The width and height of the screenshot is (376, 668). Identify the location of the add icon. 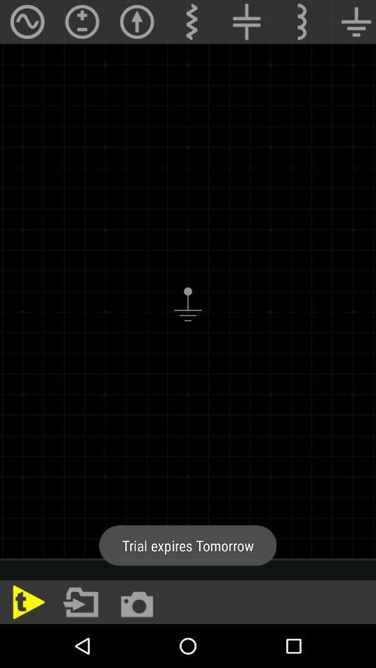
(246, 22).